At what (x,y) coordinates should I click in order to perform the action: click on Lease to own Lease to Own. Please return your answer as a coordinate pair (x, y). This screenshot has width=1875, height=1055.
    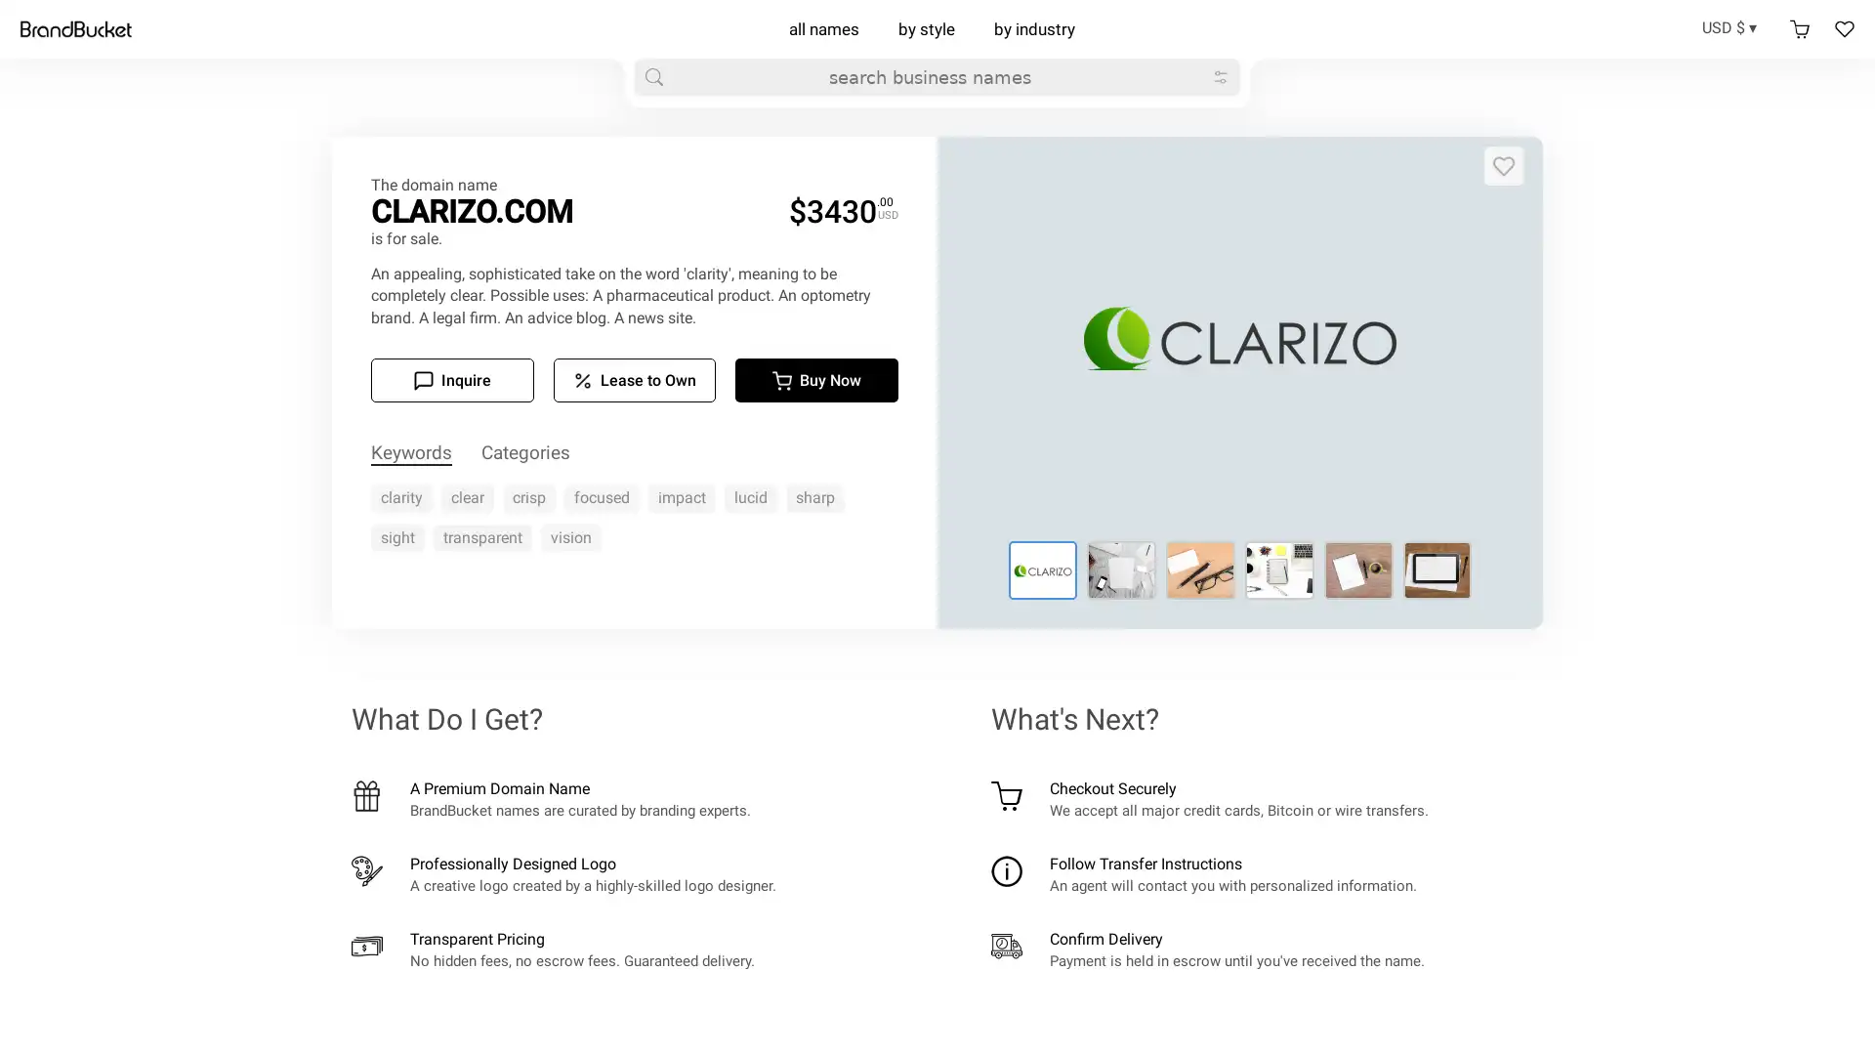
    Looking at the image, I should click on (634, 380).